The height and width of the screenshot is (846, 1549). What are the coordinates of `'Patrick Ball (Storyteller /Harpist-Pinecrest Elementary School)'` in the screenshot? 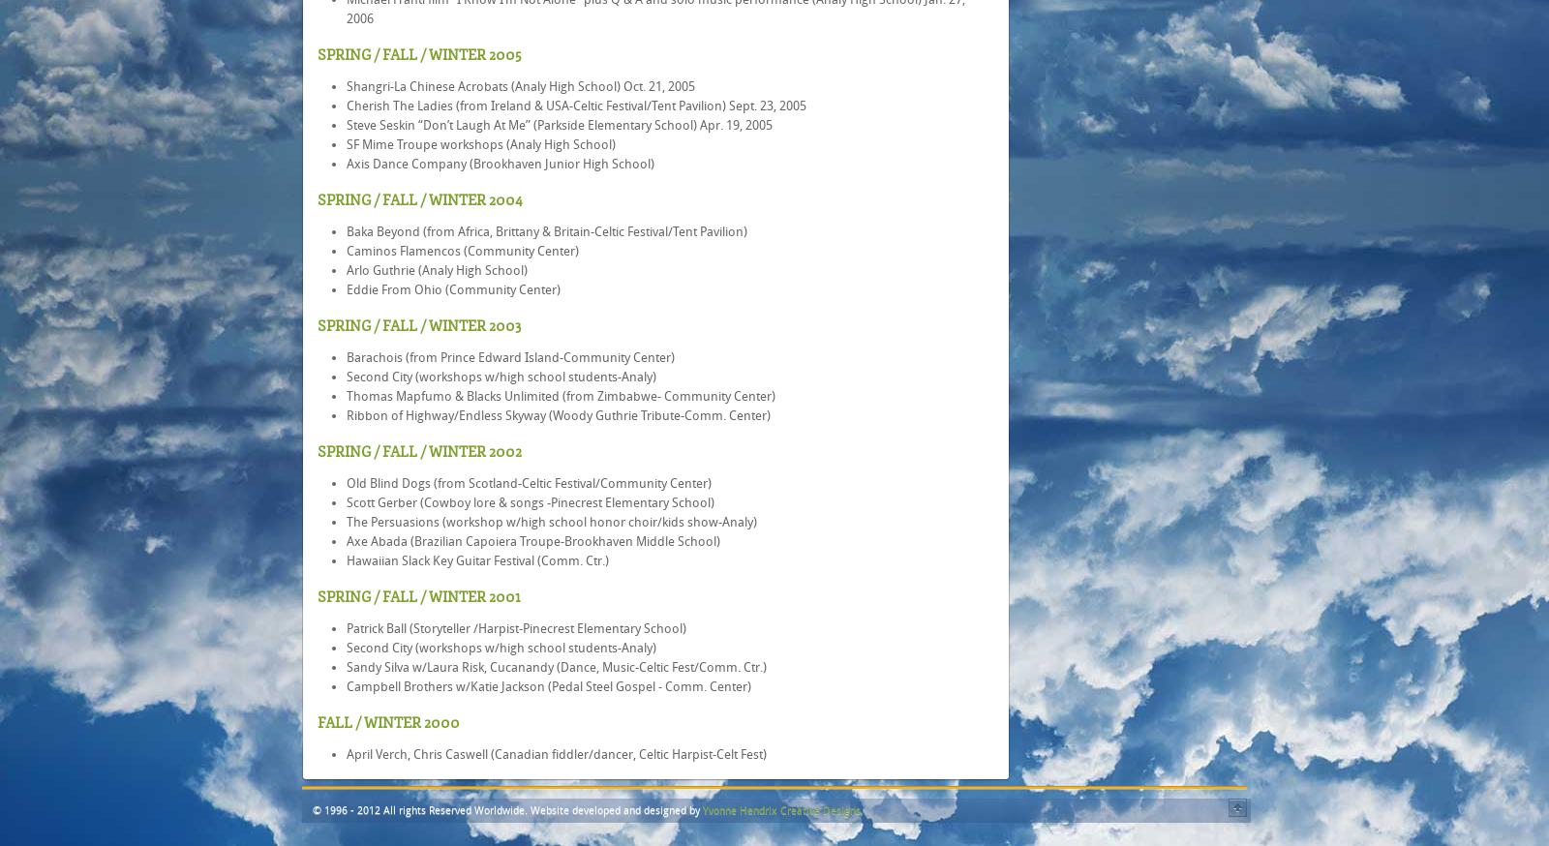 It's located at (515, 627).